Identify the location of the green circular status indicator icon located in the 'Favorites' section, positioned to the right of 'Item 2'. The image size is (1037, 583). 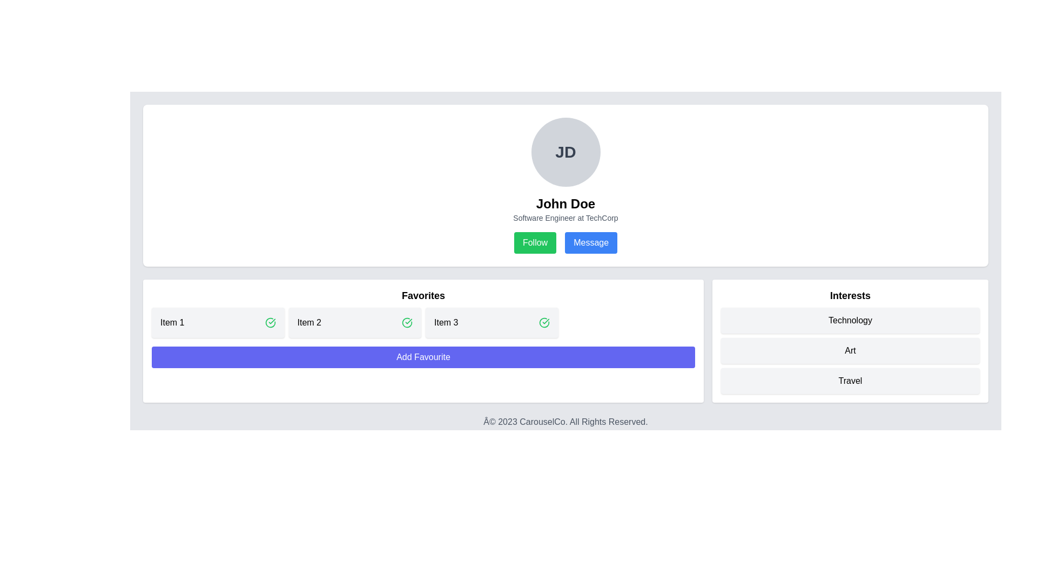
(544, 322).